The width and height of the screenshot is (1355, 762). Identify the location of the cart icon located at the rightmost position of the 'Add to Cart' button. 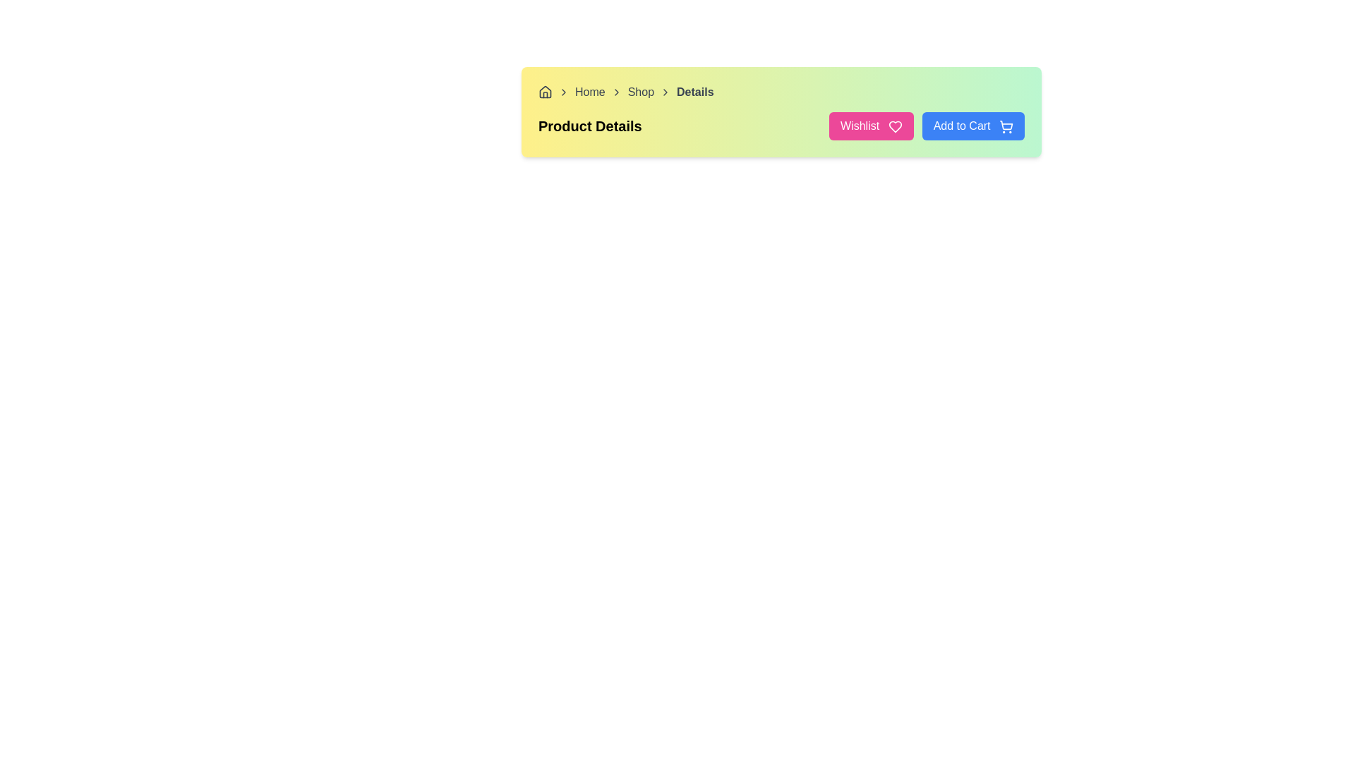
(1005, 125).